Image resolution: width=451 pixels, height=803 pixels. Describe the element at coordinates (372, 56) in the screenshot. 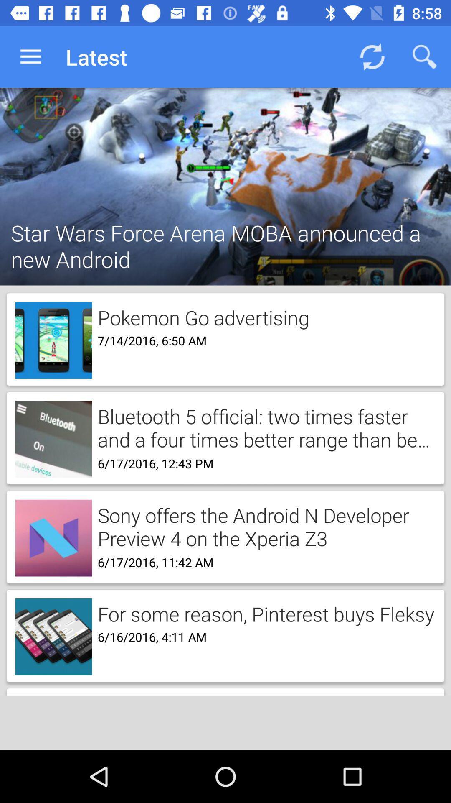

I see `the icon to the right of the latest app` at that location.